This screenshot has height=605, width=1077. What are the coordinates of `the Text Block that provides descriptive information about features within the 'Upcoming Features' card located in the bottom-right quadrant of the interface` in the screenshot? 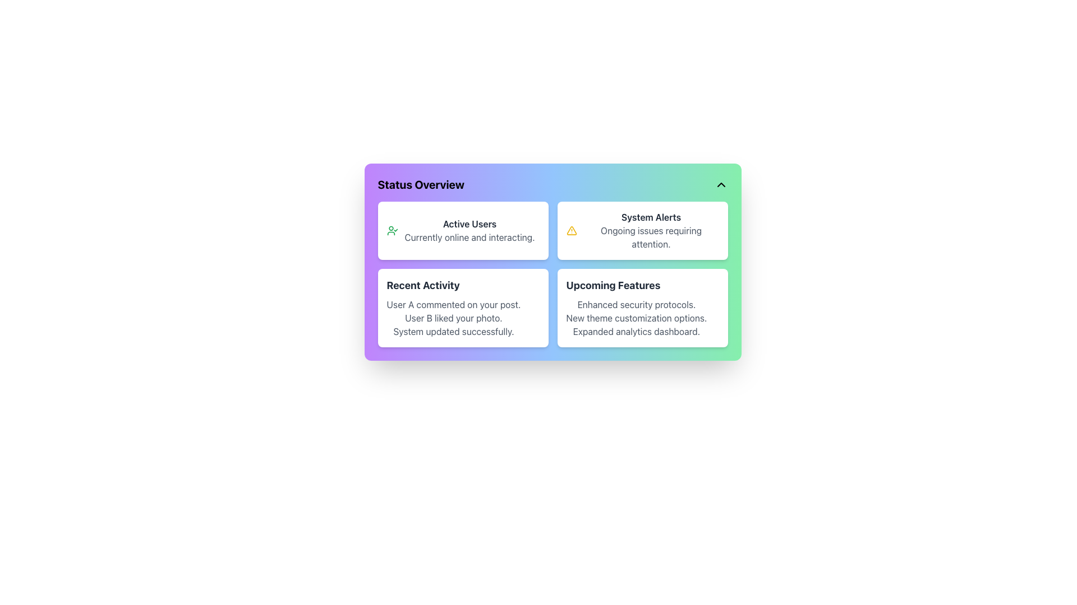 It's located at (636, 318).